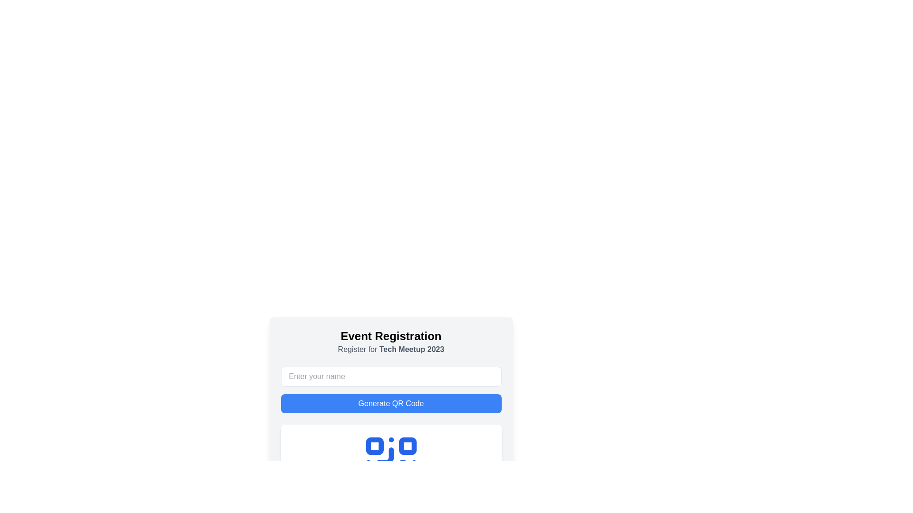 Image resolution: width=913 pixels, height=513 pixels. What do you see at coordinates (374, 446) in the screenshot?
I see `the top-left small blue square decorative graphic element within the QR code` at bounding box center [374, 446].